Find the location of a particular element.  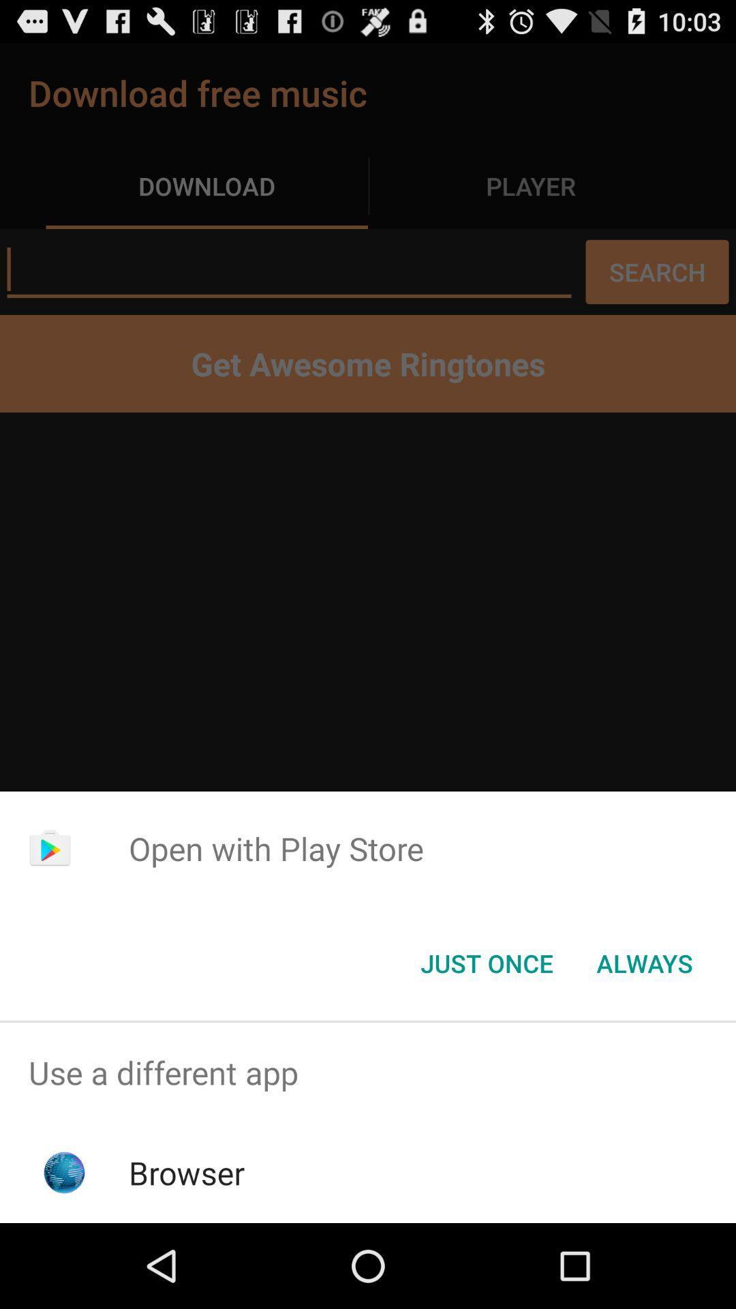

the item at the bottom right corner is located at coordinates (644, 962).